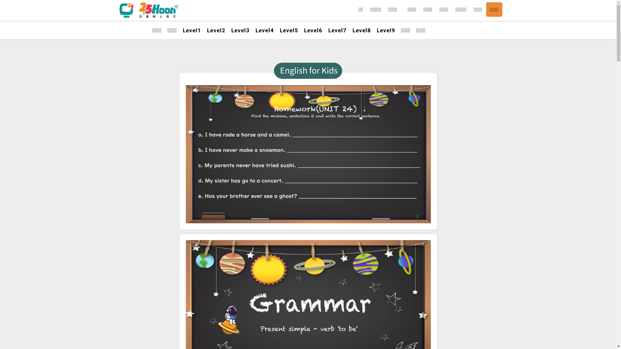  What do you see at coordinates (386, 30) in the screenshot?
I see `'Level9'` at bounding box center [386, 30].